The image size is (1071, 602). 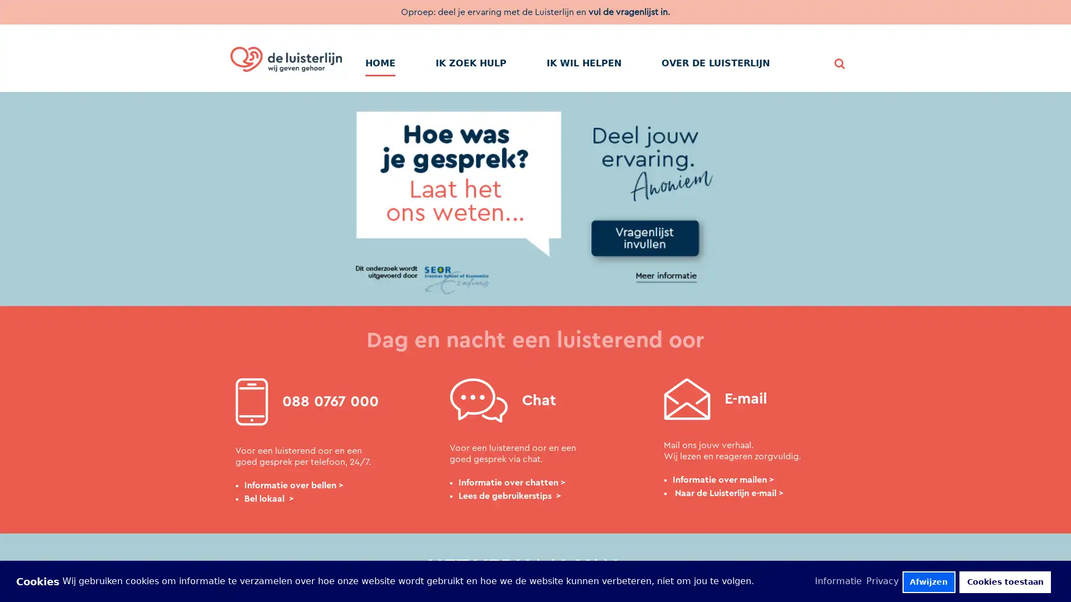 What do you see at coordinates (839, 580) in the screenshot?
I see `cookie policy` at bounding box center [839, 580].